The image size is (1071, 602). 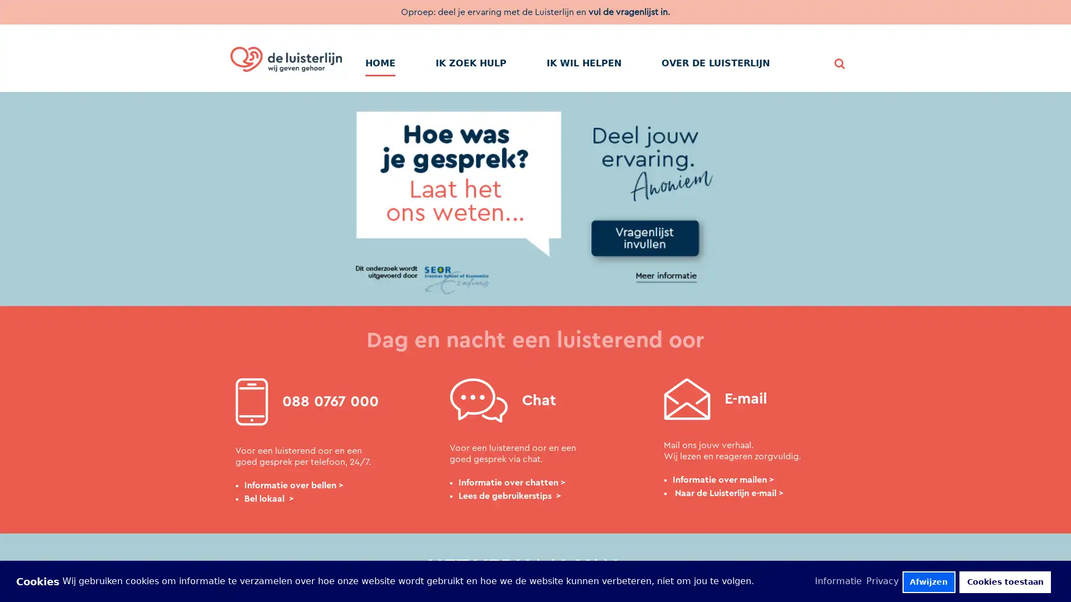 What do you see at coordinates (839, 580) in the screenshot?
I see `cookie policy` at bounding box center [839, 580].